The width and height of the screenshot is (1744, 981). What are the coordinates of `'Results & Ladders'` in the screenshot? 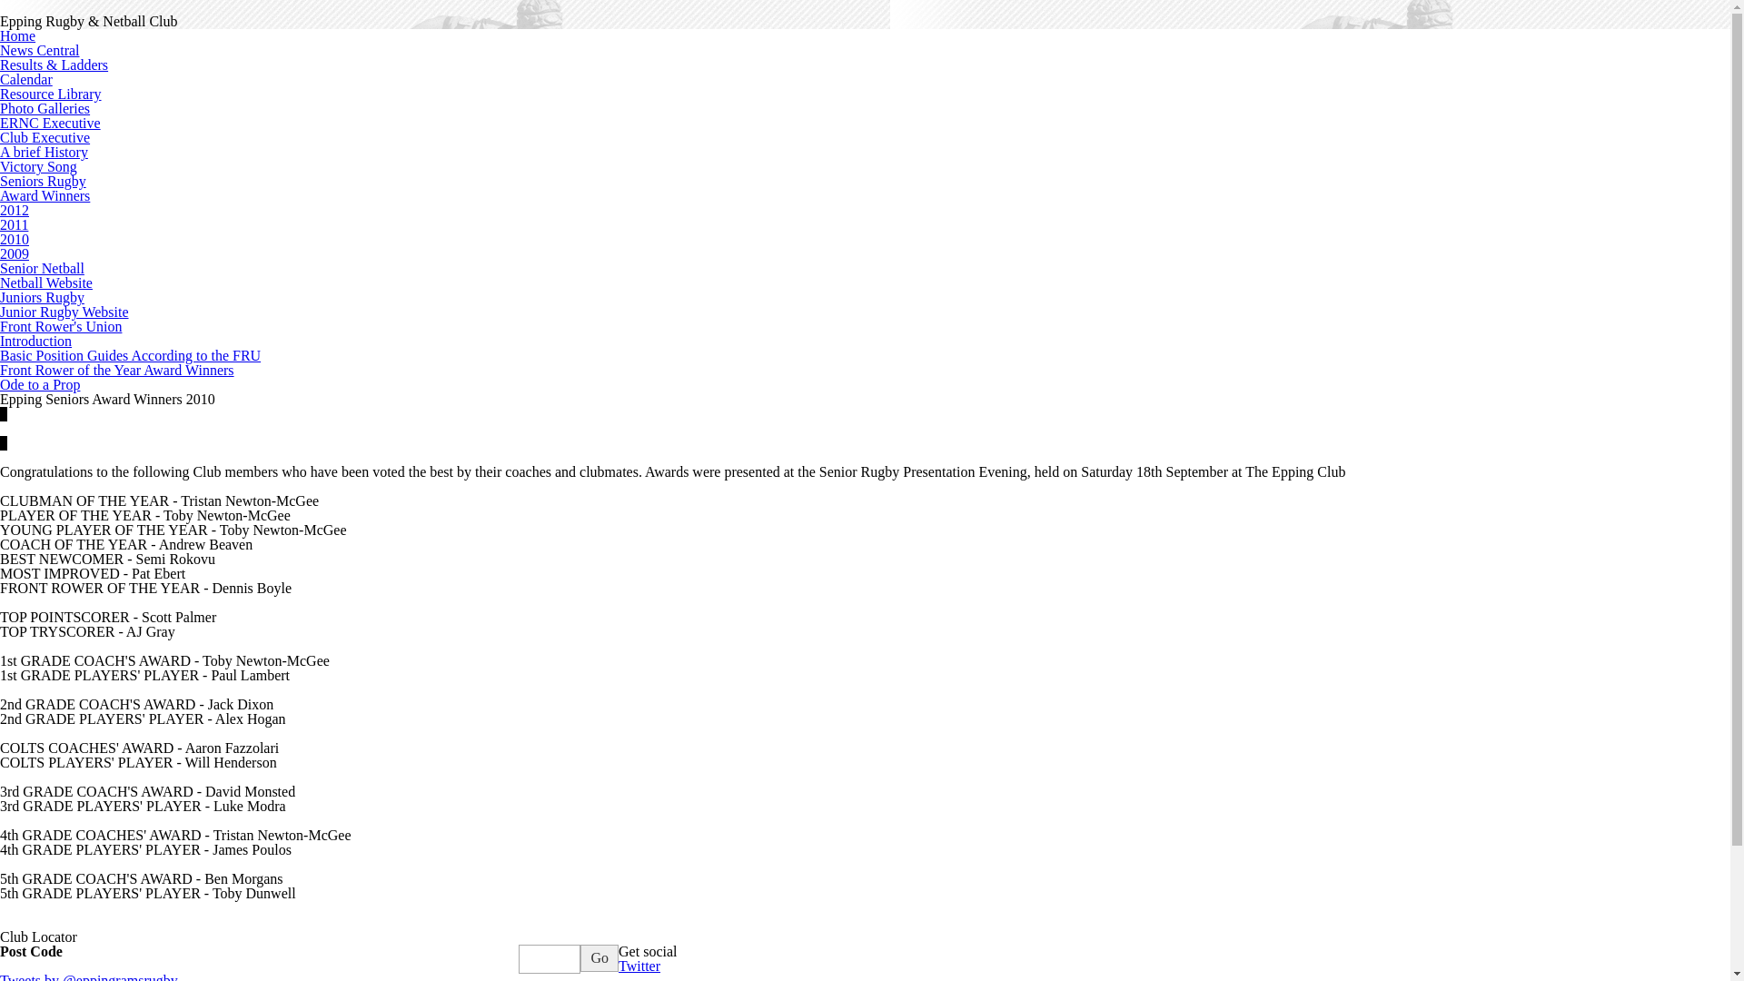 It's located at (54, 64).